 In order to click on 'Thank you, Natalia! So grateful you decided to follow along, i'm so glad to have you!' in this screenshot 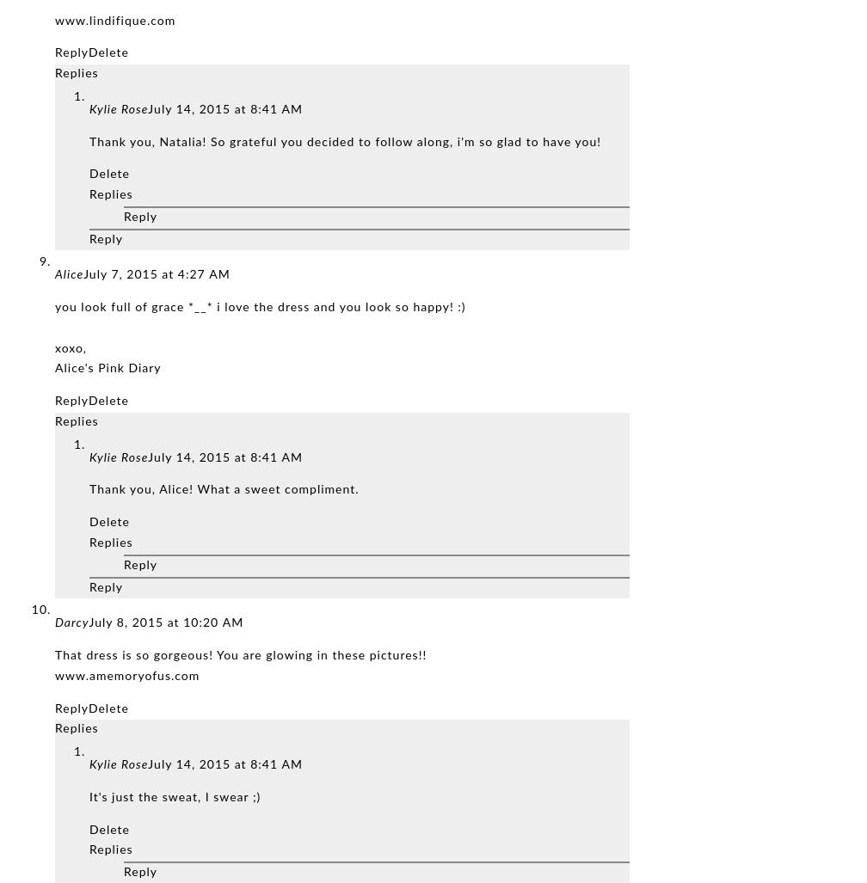, I will do `click(345, 142)`.